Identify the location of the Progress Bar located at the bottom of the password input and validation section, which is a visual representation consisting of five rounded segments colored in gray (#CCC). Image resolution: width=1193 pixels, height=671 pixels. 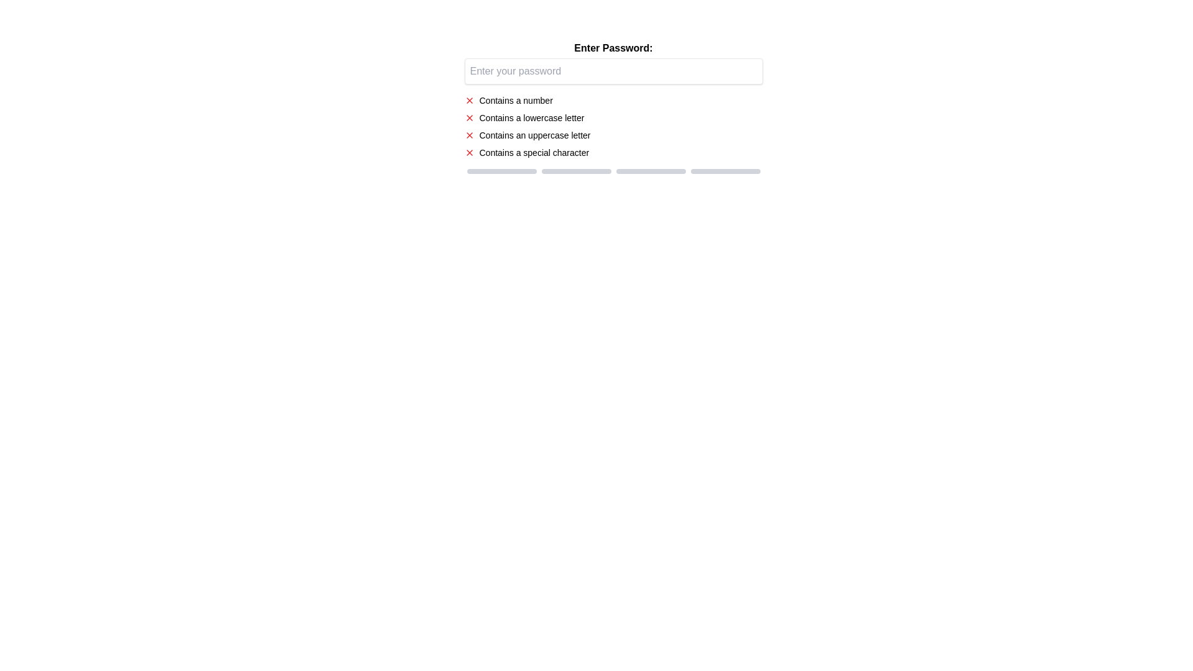
(613, 171).